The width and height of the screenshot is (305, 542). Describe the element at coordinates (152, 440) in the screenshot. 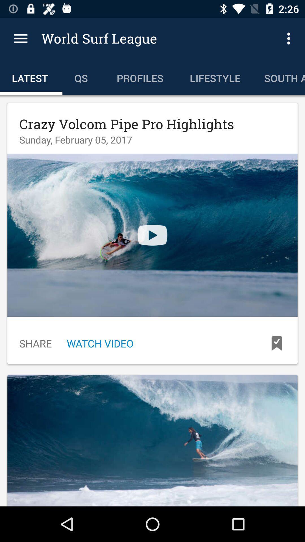

I see `the image at the bottom of the page` at that location.